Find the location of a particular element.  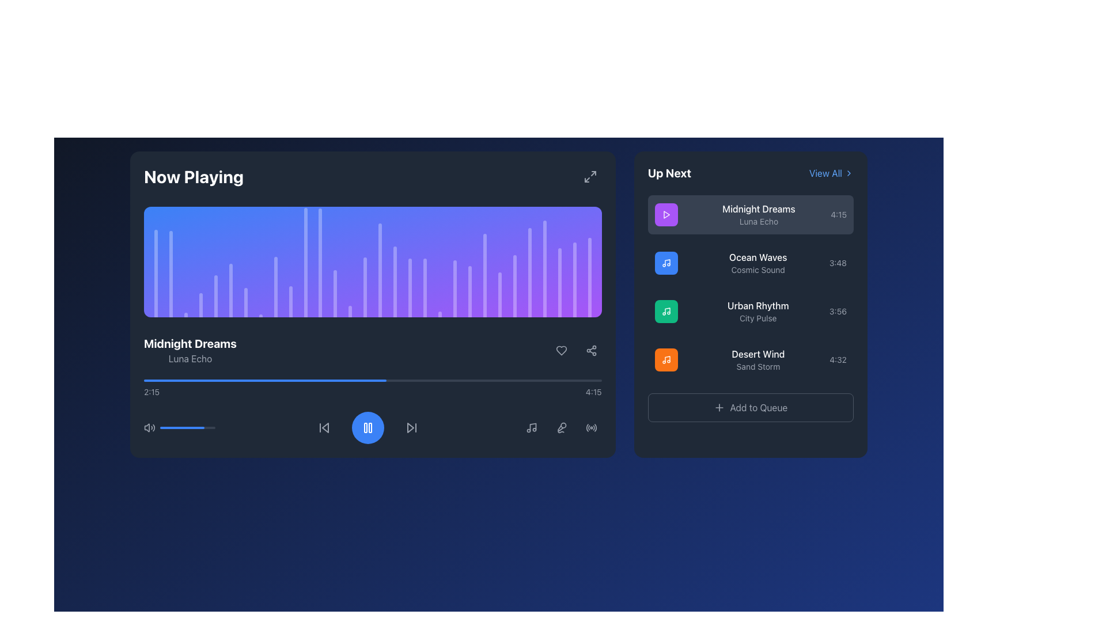

the heart-shaped icon button in the bottom right corner of the 'Now Playing' section to mark the track as liked is located at coordinates (561, 350).